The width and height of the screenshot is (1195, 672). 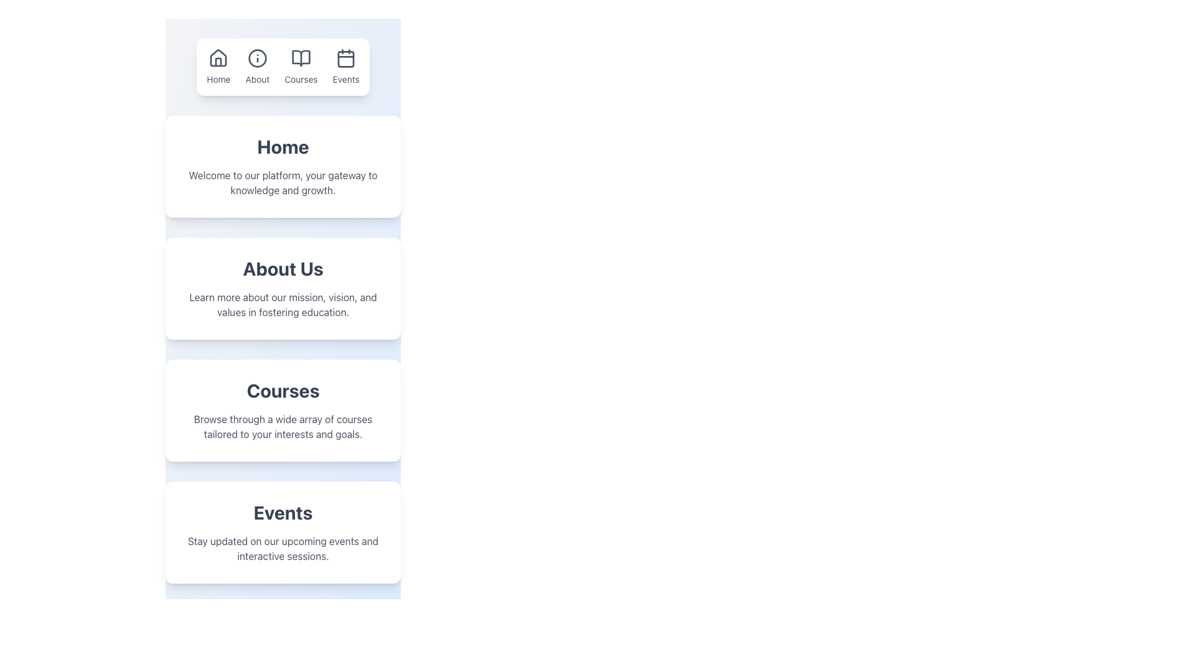 What do you see at coordinates (346, 59) in the screenshot?
I see `the visual representation of the rounded rectangle within the Events icon in the top navigation section` at bounding box center [346, 59].